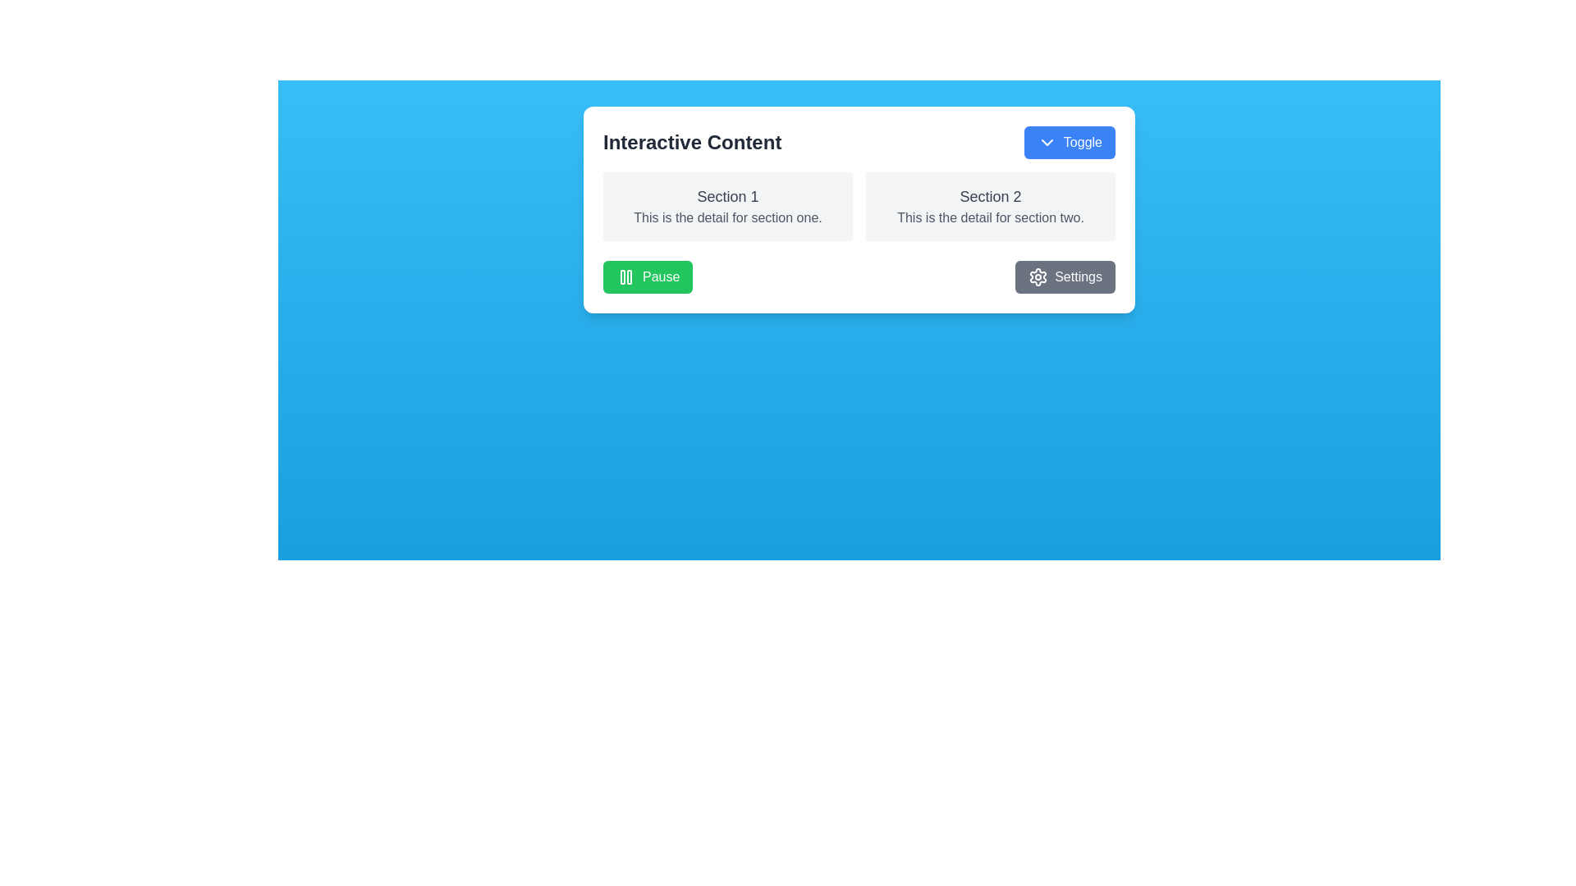  What do you see at coordinates (625, 276) in the screenshot?
I see `the 'Pause' button by clicking on the pause icon located on the left side of the green button that has 'Pause' text to its right` at bounding box center [625, 276].